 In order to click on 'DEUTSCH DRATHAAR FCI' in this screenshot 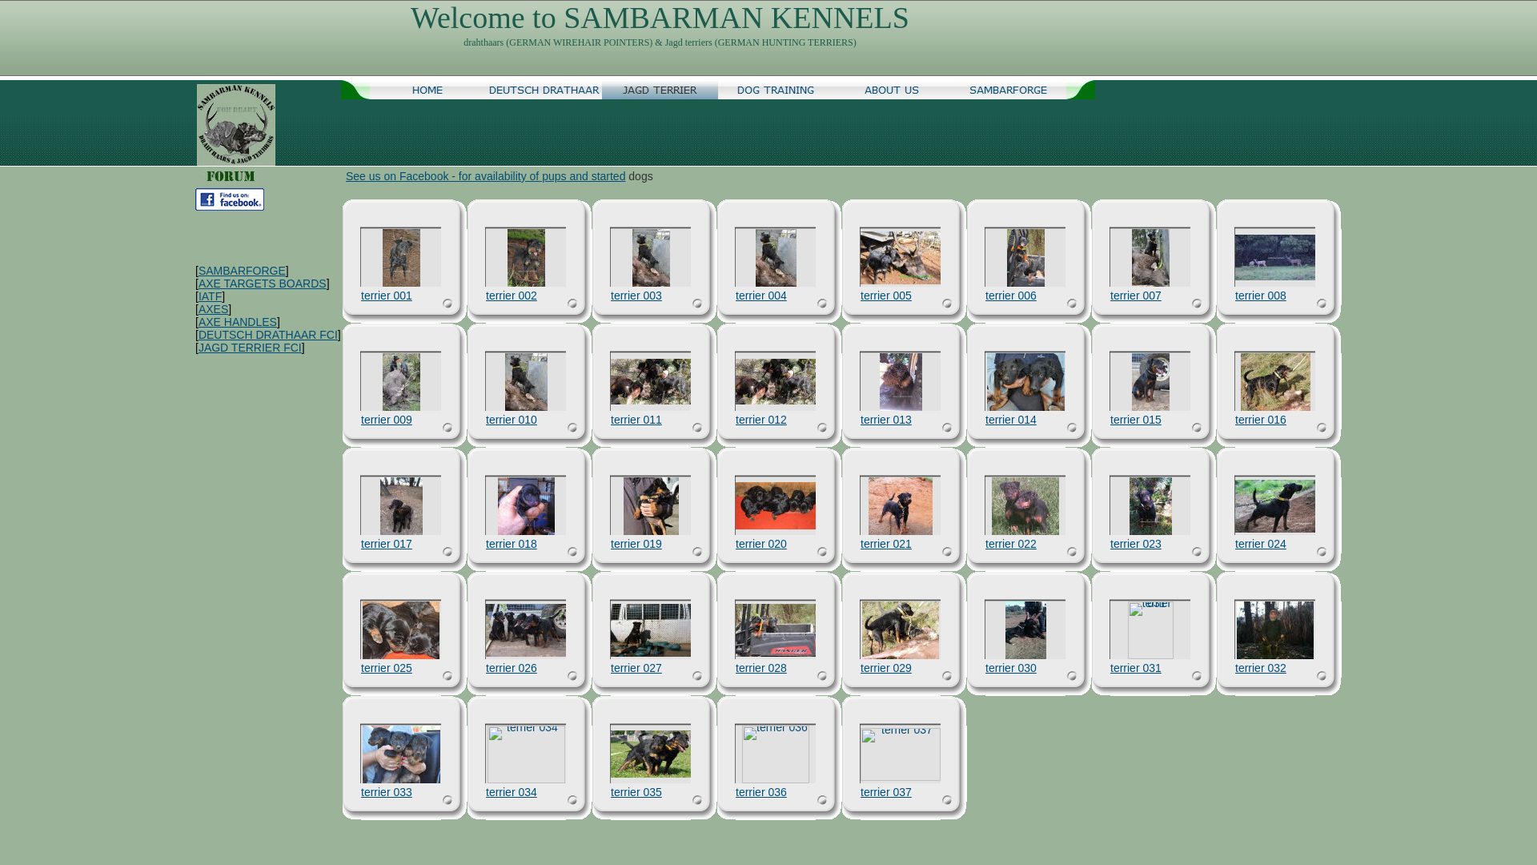, I will do `click(268, 333)`.